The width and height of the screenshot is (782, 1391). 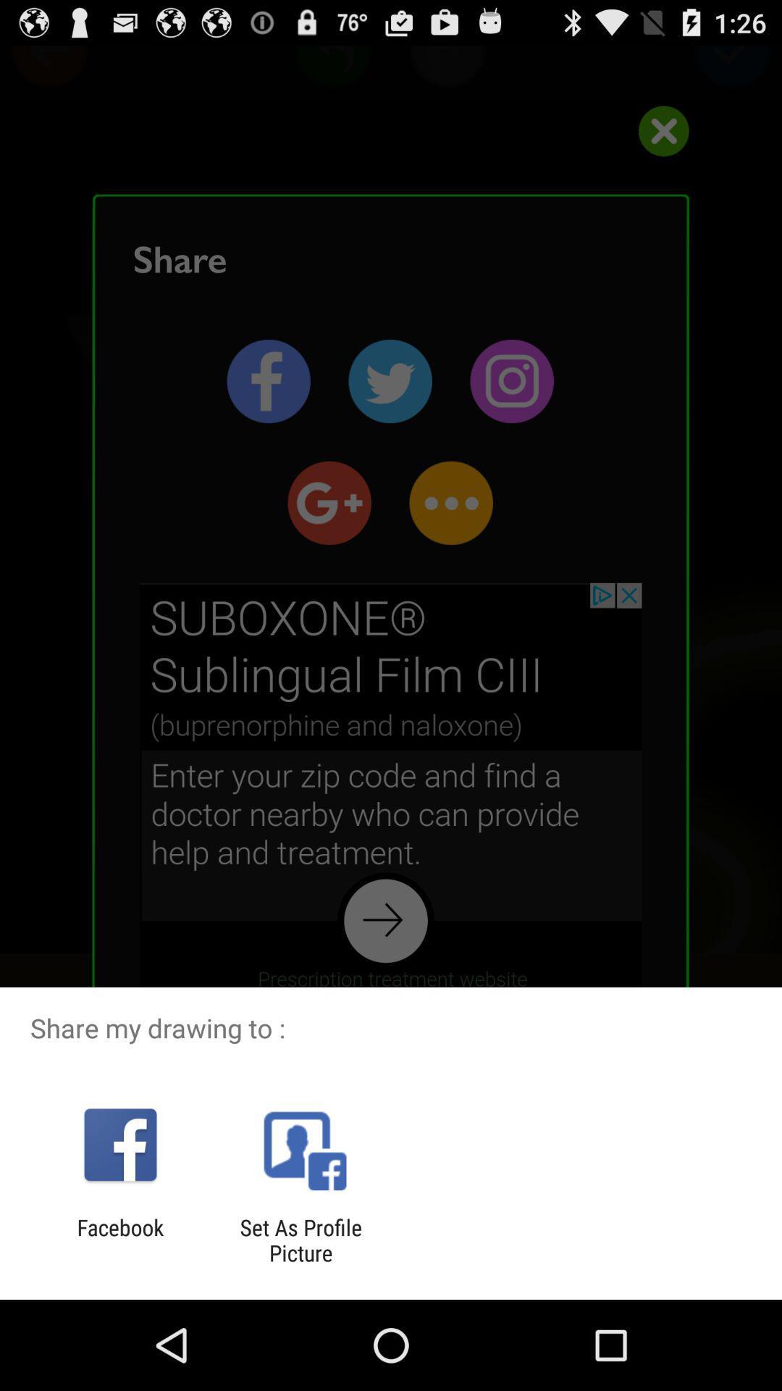 What do you see at coordinates (300, 1240) in the screenshot?
I see `set as profile app` at bounding box center [300, 1240].